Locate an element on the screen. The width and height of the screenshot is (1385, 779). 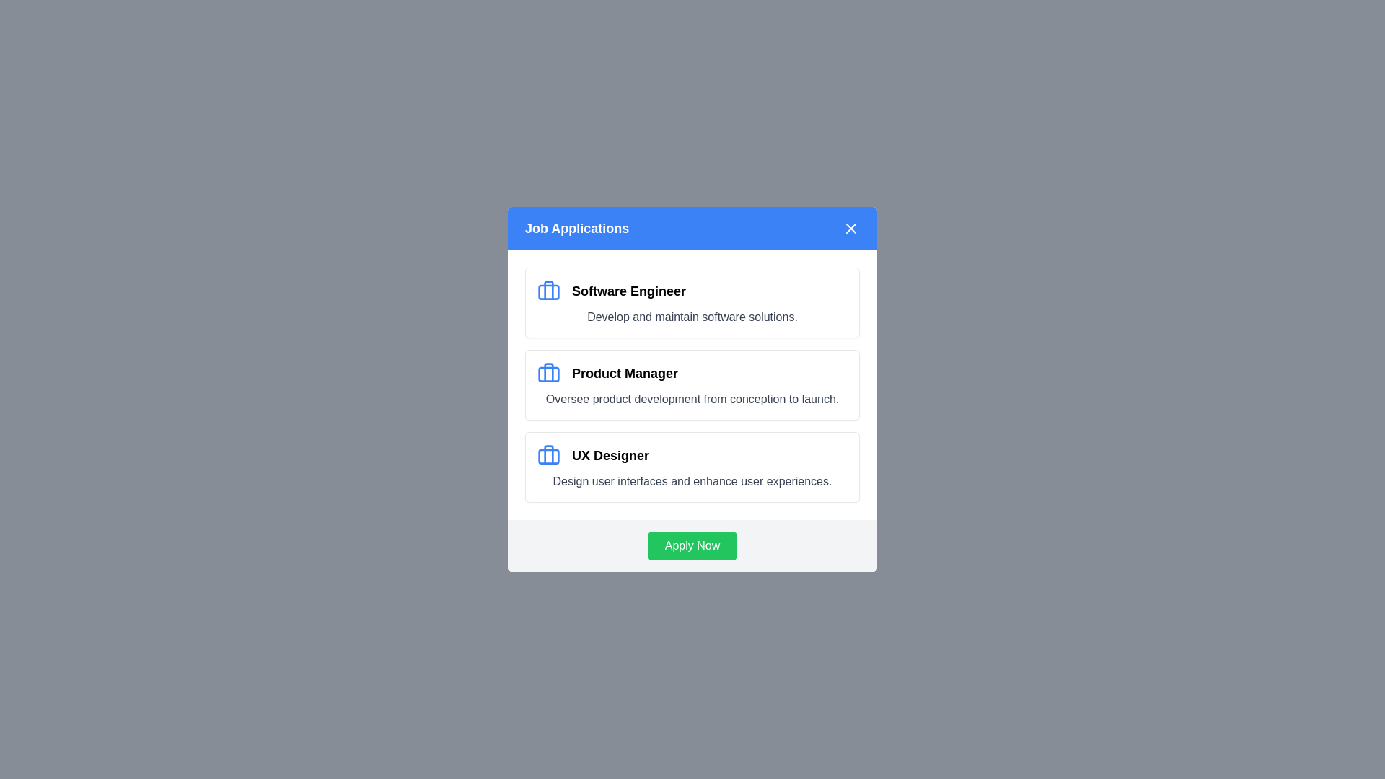
the non-interactive icon representing the job title 'UX Designer' located to the left of the text in the third row of the 'Job Applications' section is located at coordinates (548, 456).